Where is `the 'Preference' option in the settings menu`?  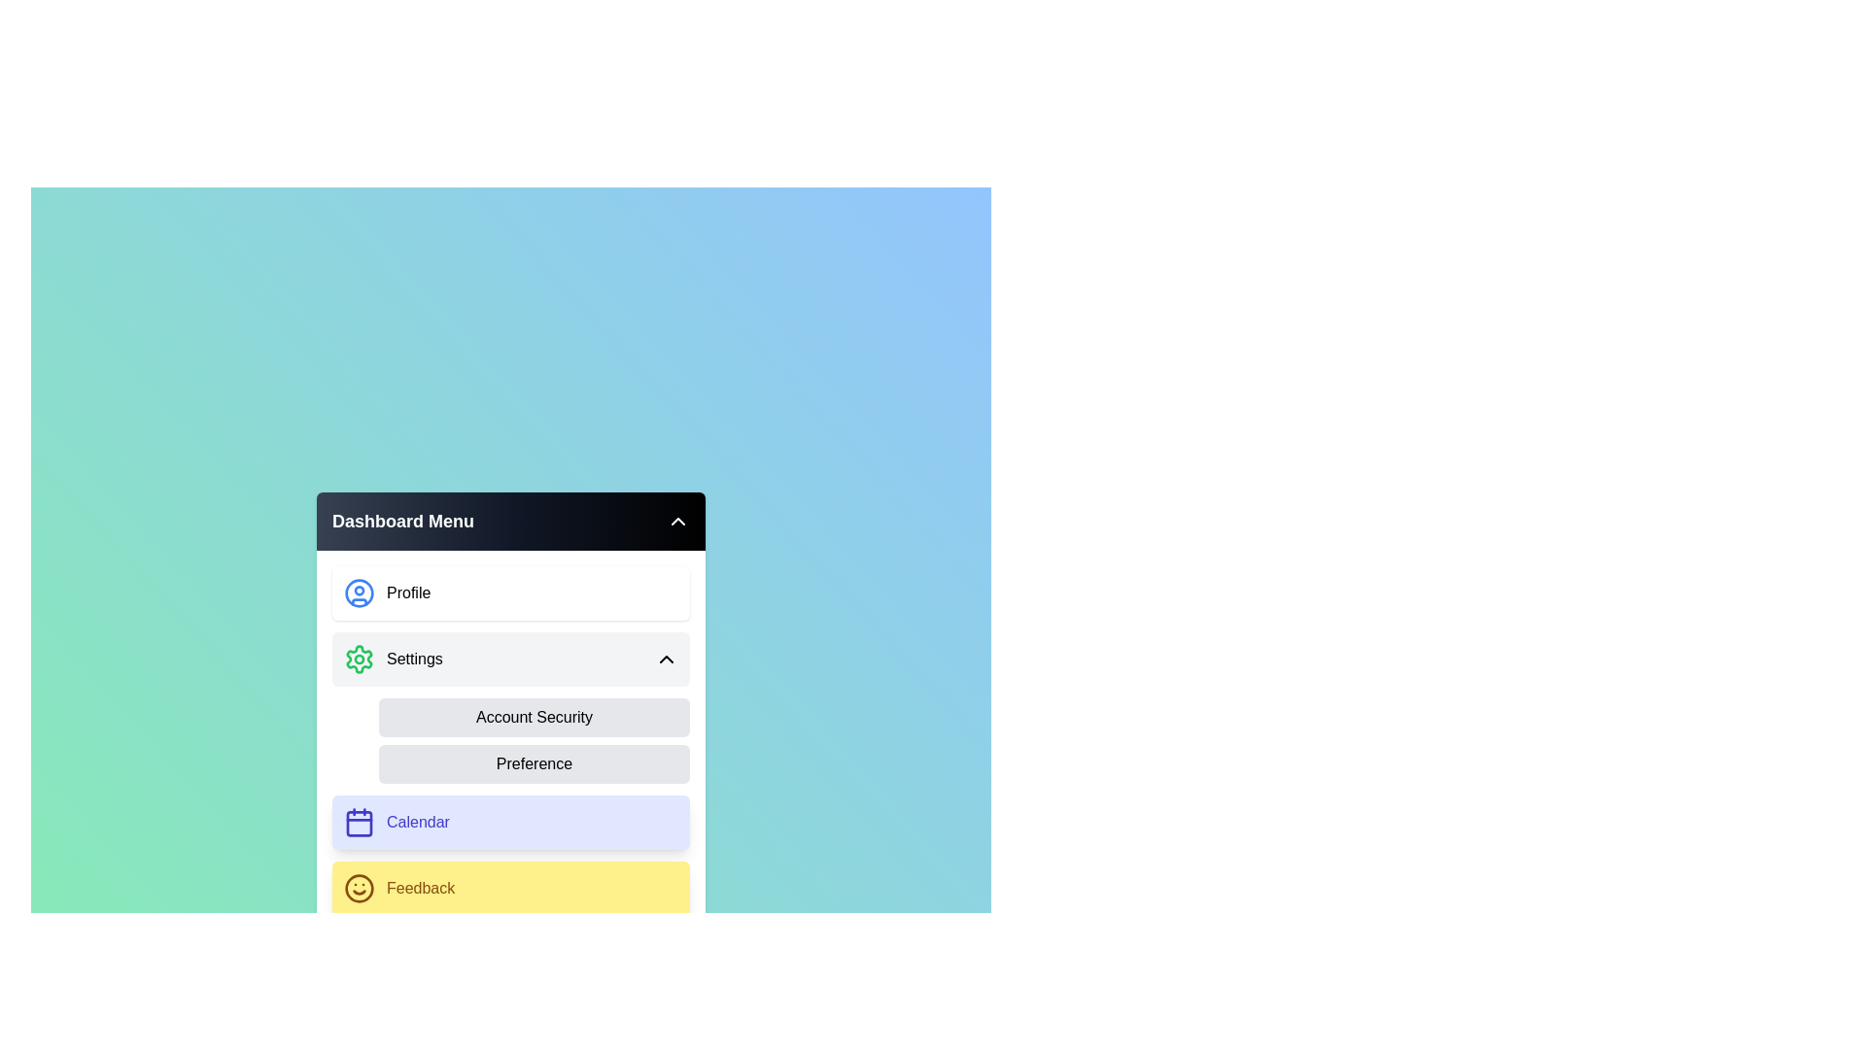 the 'Preference' option in the settings menu is located at coordinates (535, 741).